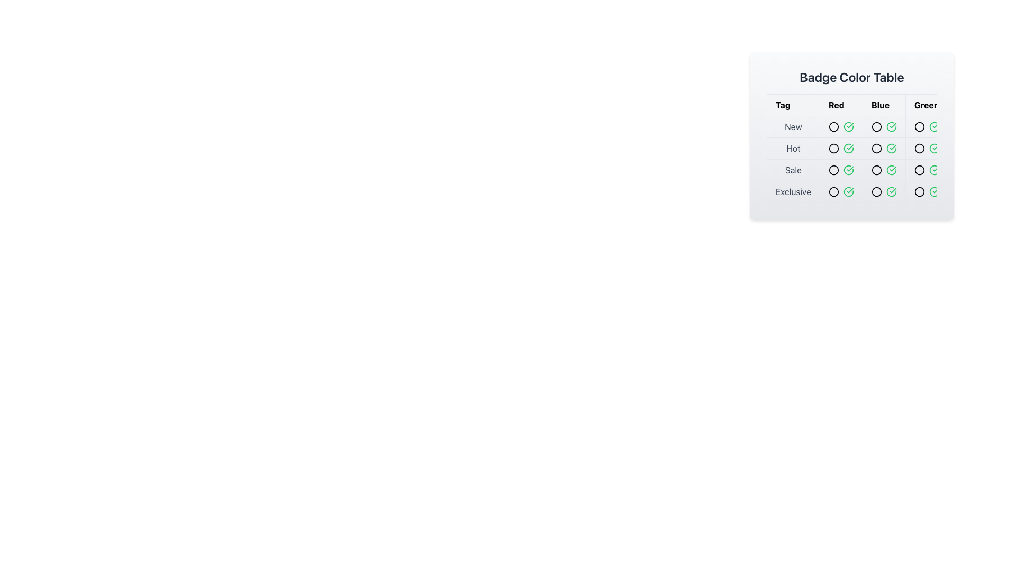  What do you see at coordinates (926, 126) in the screenshot?
I see `the graphical representation element displaying the status of the 'Greer' badge for the 'New' tag` at bounding box center [926, 126].